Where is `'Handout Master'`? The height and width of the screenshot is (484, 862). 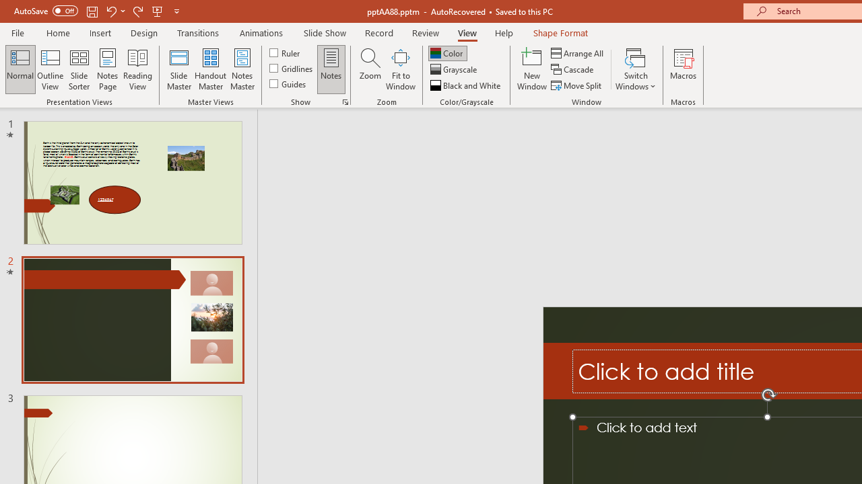 'Handout Master' is located at coordinates (209, 69).